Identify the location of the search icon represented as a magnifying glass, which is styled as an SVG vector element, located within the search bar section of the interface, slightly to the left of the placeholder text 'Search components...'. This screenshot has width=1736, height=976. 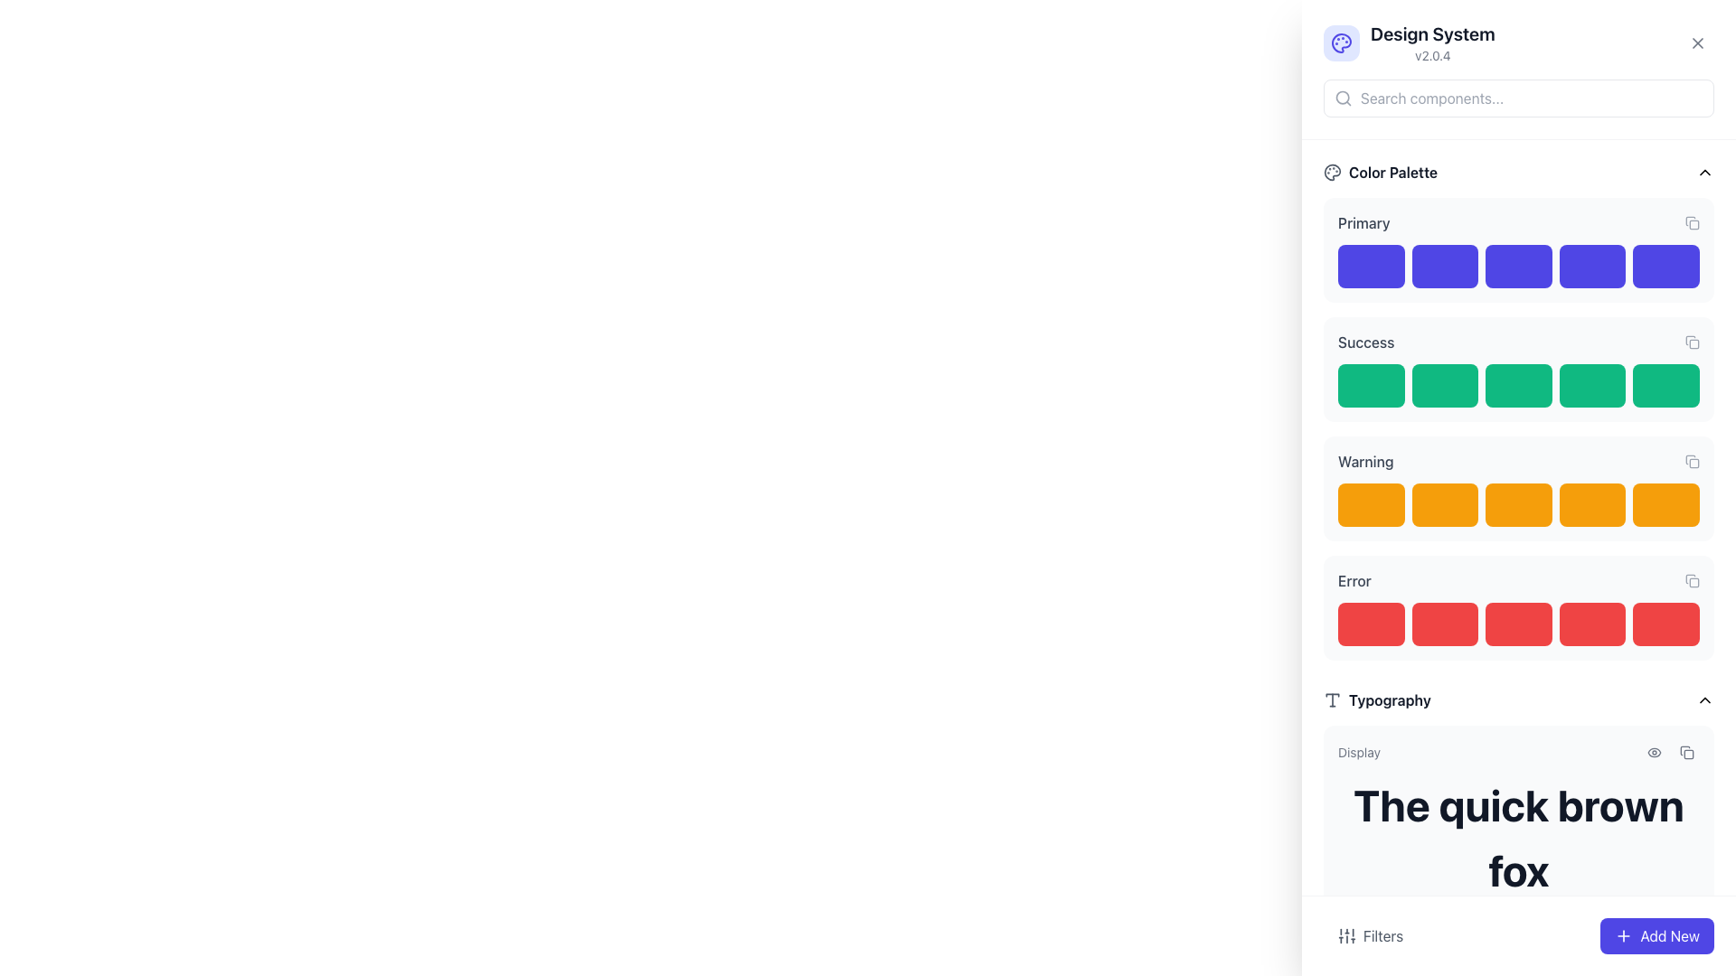
(1344, 98).